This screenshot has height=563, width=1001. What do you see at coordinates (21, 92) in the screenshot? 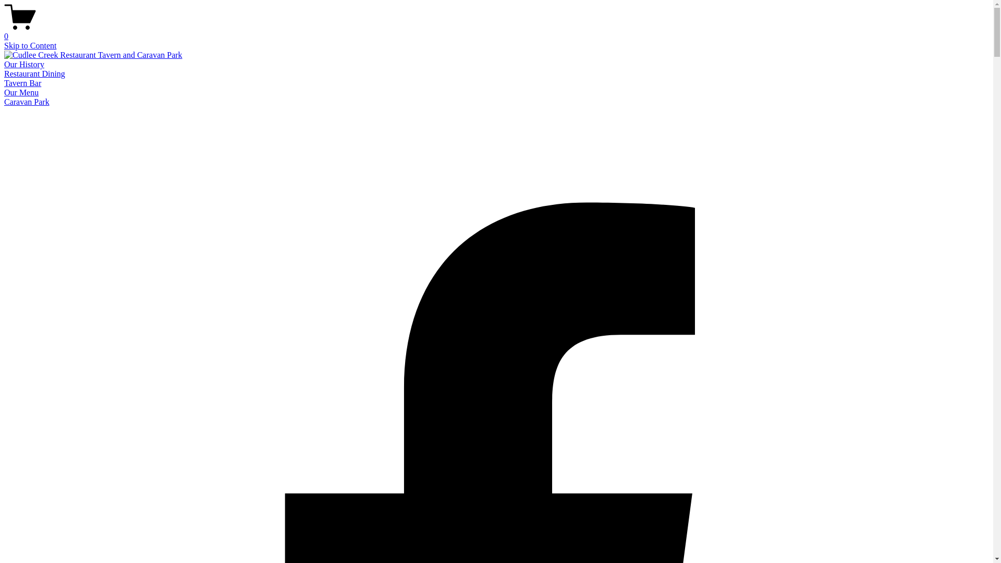
I see `'Our Menu'` at bounding box center [21, 92].